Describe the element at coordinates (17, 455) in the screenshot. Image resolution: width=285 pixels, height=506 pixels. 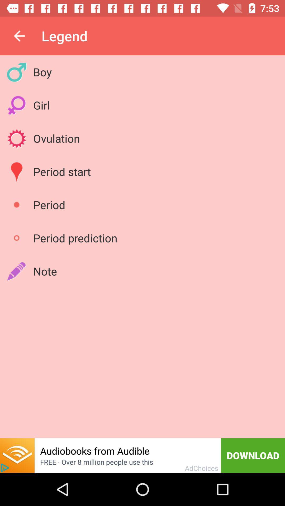
I see `audio` at that location.